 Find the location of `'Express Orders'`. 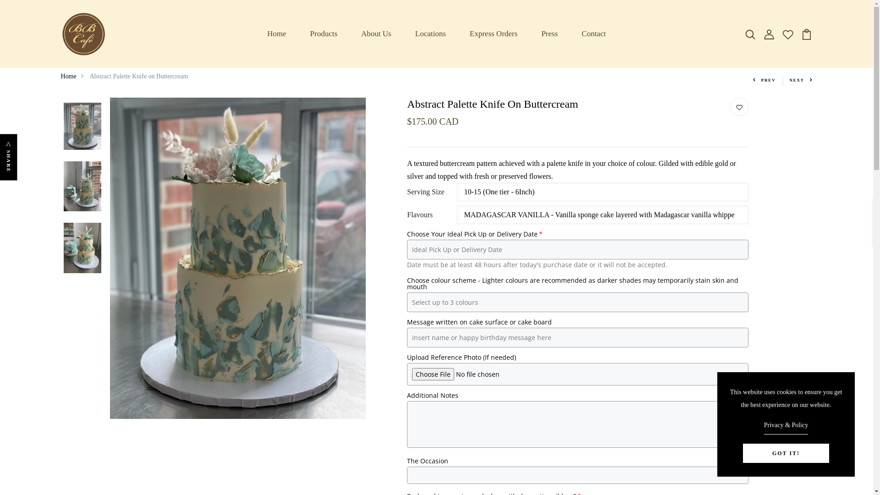

'Express Orders' is located at coordinates (493, 33).